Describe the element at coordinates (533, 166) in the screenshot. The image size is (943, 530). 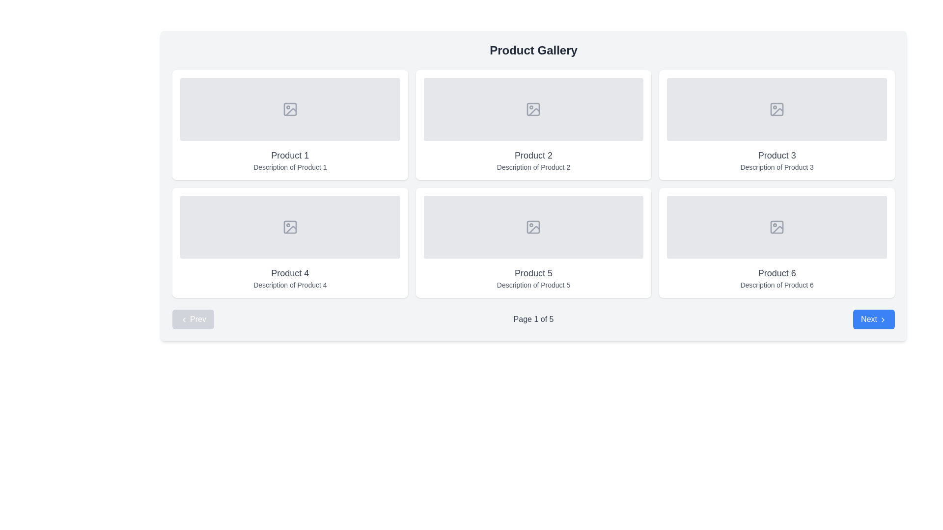
I see `the text label that reads 'Description of Product 2', which is styled with a gray color and located below the 'Product 2' title in the second card of the product grid` at that location.